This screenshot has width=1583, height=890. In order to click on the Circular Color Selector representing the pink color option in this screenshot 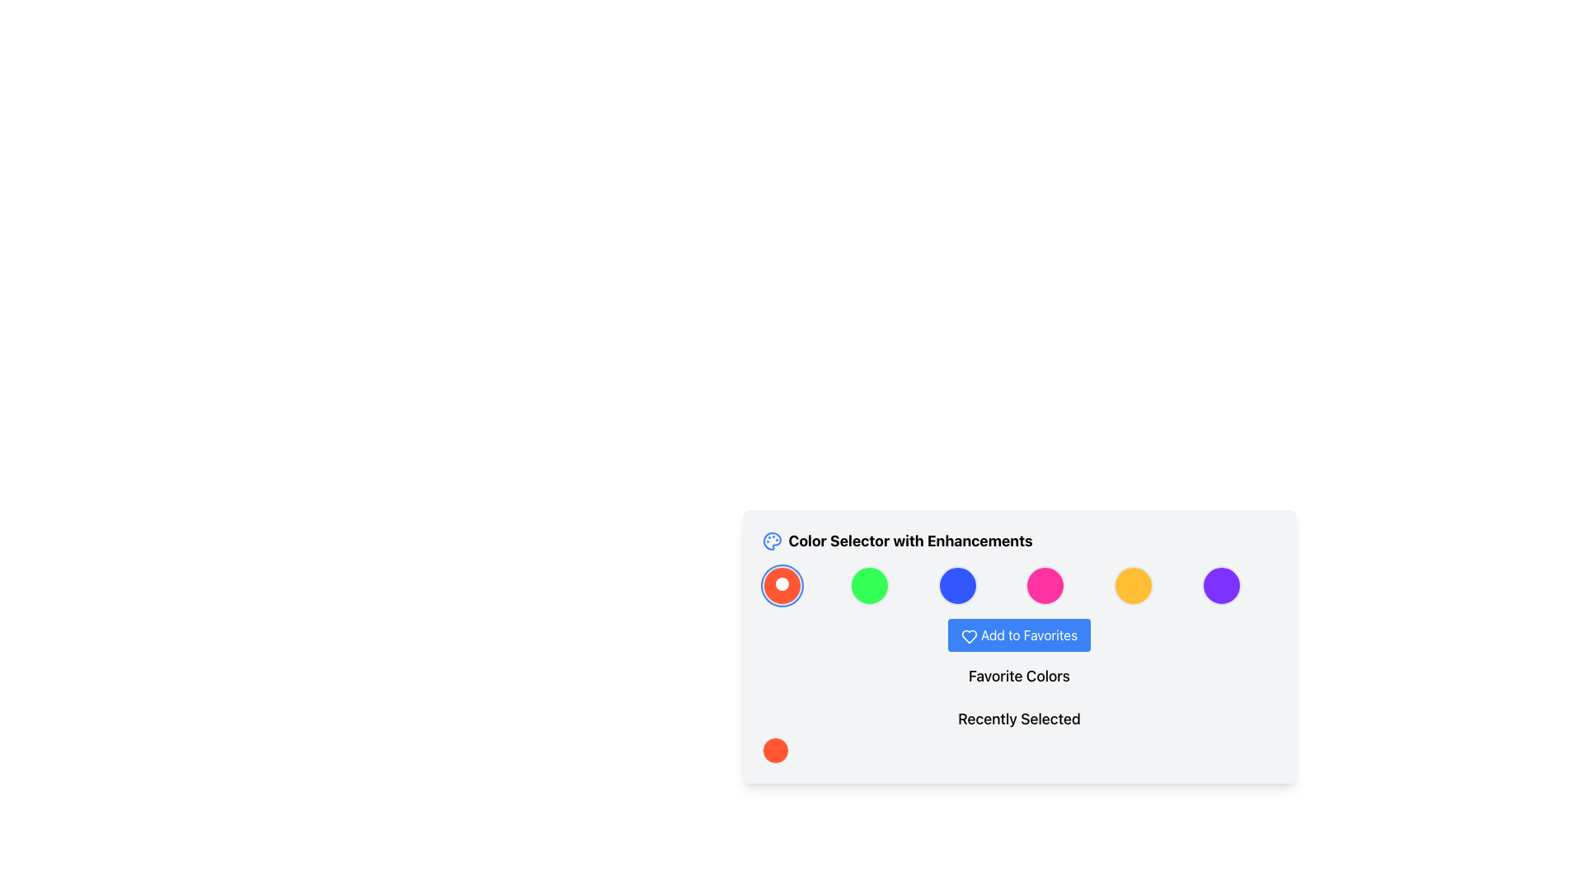, I will do `click(1044, 584)`.